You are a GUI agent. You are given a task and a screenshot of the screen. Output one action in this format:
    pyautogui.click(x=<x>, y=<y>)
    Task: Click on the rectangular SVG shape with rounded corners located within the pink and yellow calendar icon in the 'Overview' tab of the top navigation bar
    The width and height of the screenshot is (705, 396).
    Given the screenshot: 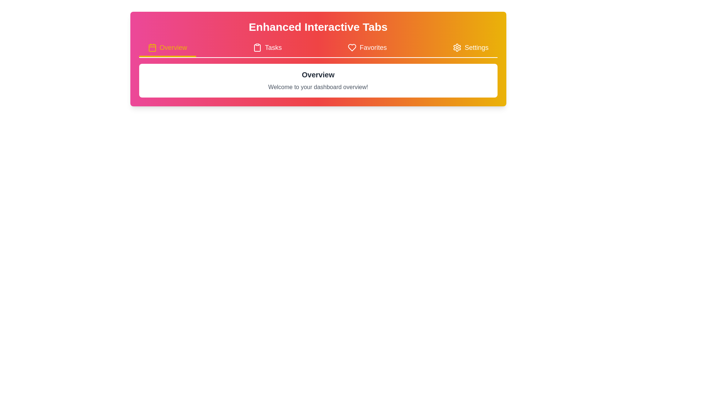 What is the action you would take?
    pyautogui.click(x=152, y=48)
    